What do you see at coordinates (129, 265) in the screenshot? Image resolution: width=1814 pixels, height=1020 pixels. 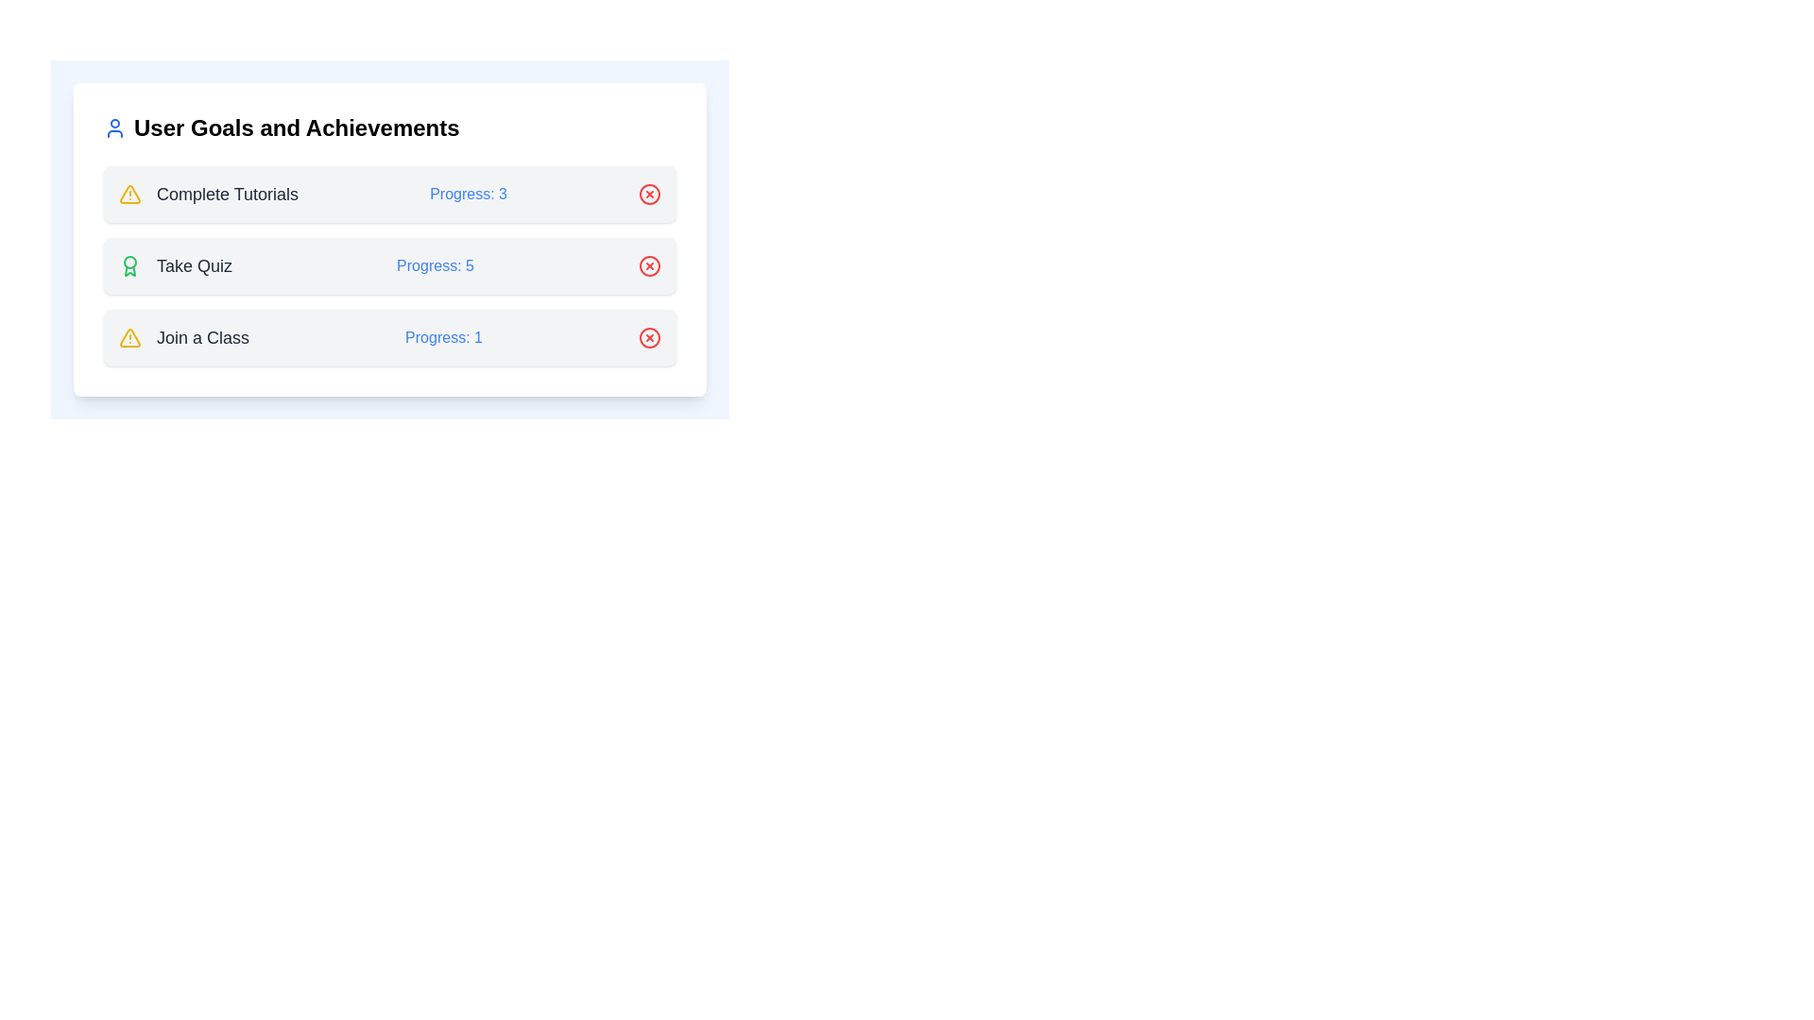 I see `the achievement award icon associated with the 'Take Quiz' task, which is located in the second row of the list, between 'Complete Tutorials' and 'Join a Class'` at bounding box center [129, 265].